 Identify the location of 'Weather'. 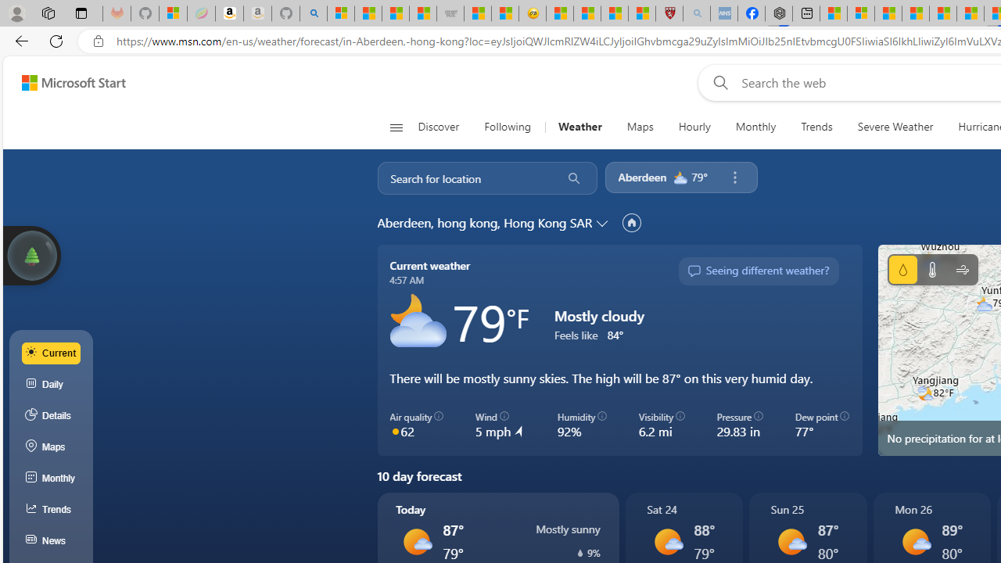
(579, 127).